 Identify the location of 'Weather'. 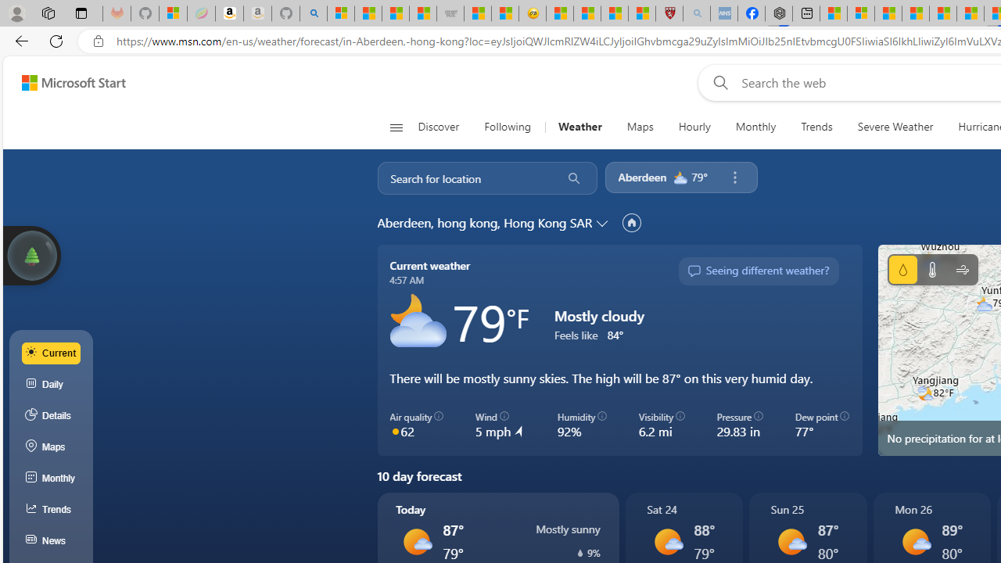
(579, 127).